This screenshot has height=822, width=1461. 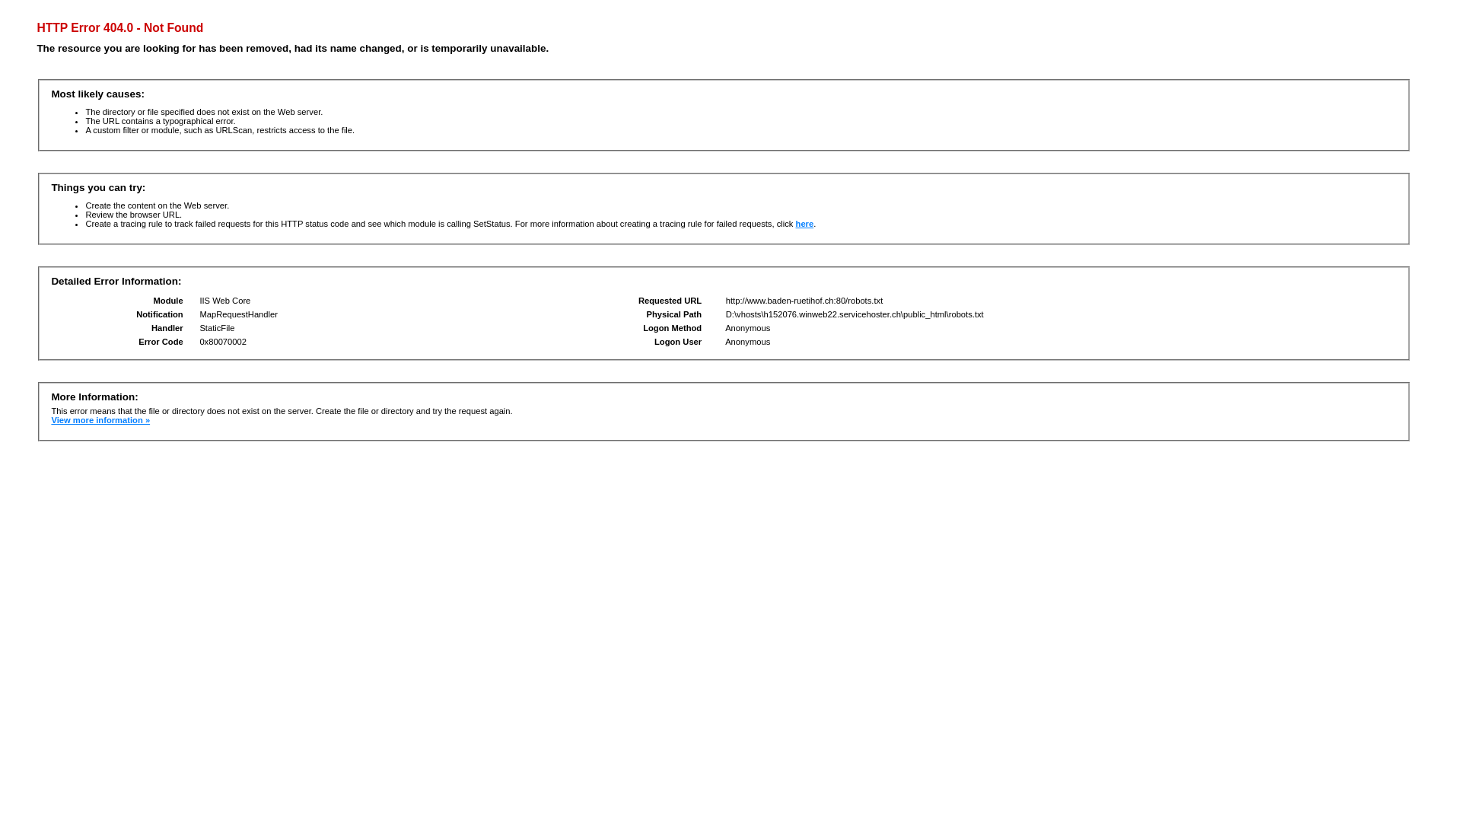 I want to click on 'here', so click(x=795, y=223).